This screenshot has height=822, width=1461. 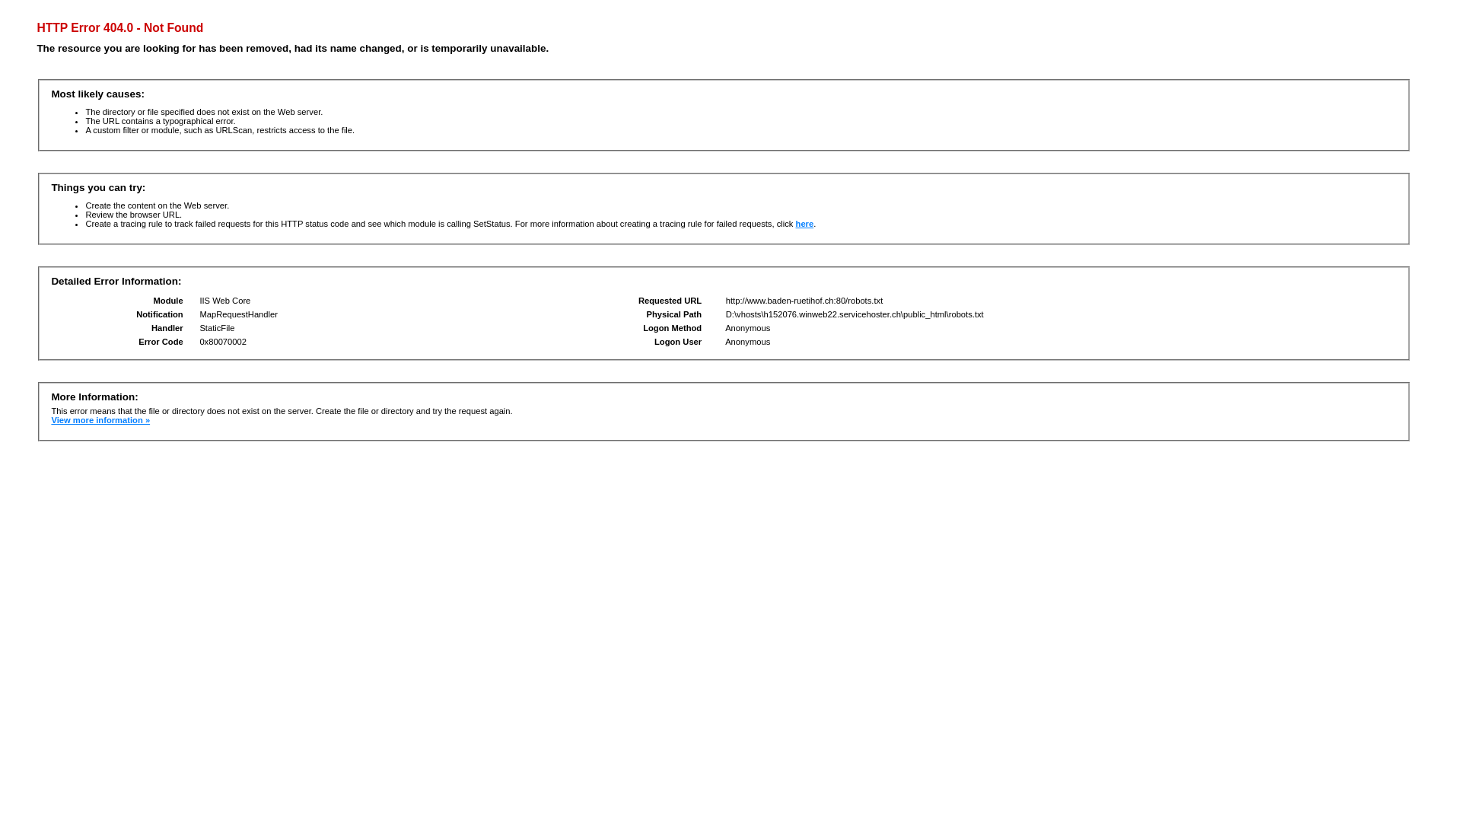 I want to click on 'here', so click(x=795, y=223).